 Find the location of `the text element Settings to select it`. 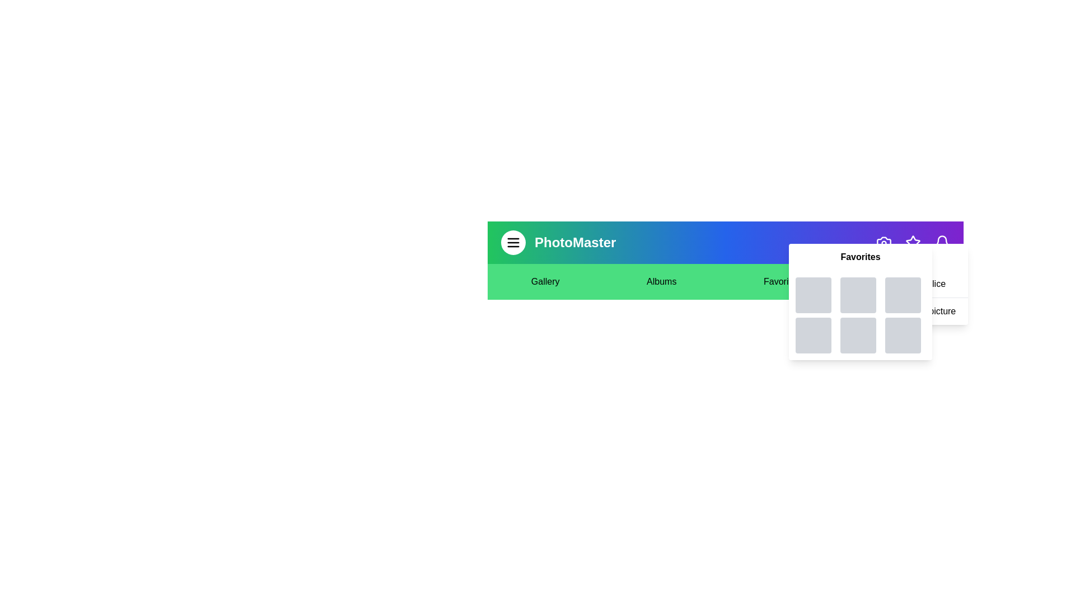

the text element Settings to select it is located at coordinates (904, 281).